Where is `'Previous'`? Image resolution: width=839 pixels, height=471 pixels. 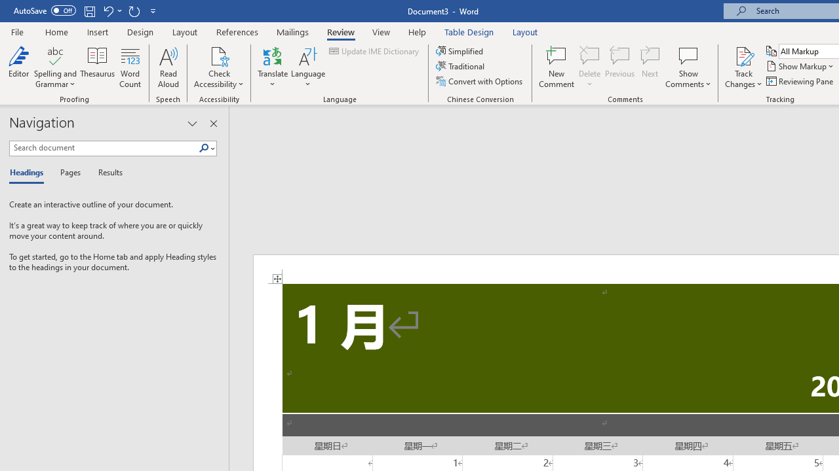
'Previous' is located at coordinates (619, 67).